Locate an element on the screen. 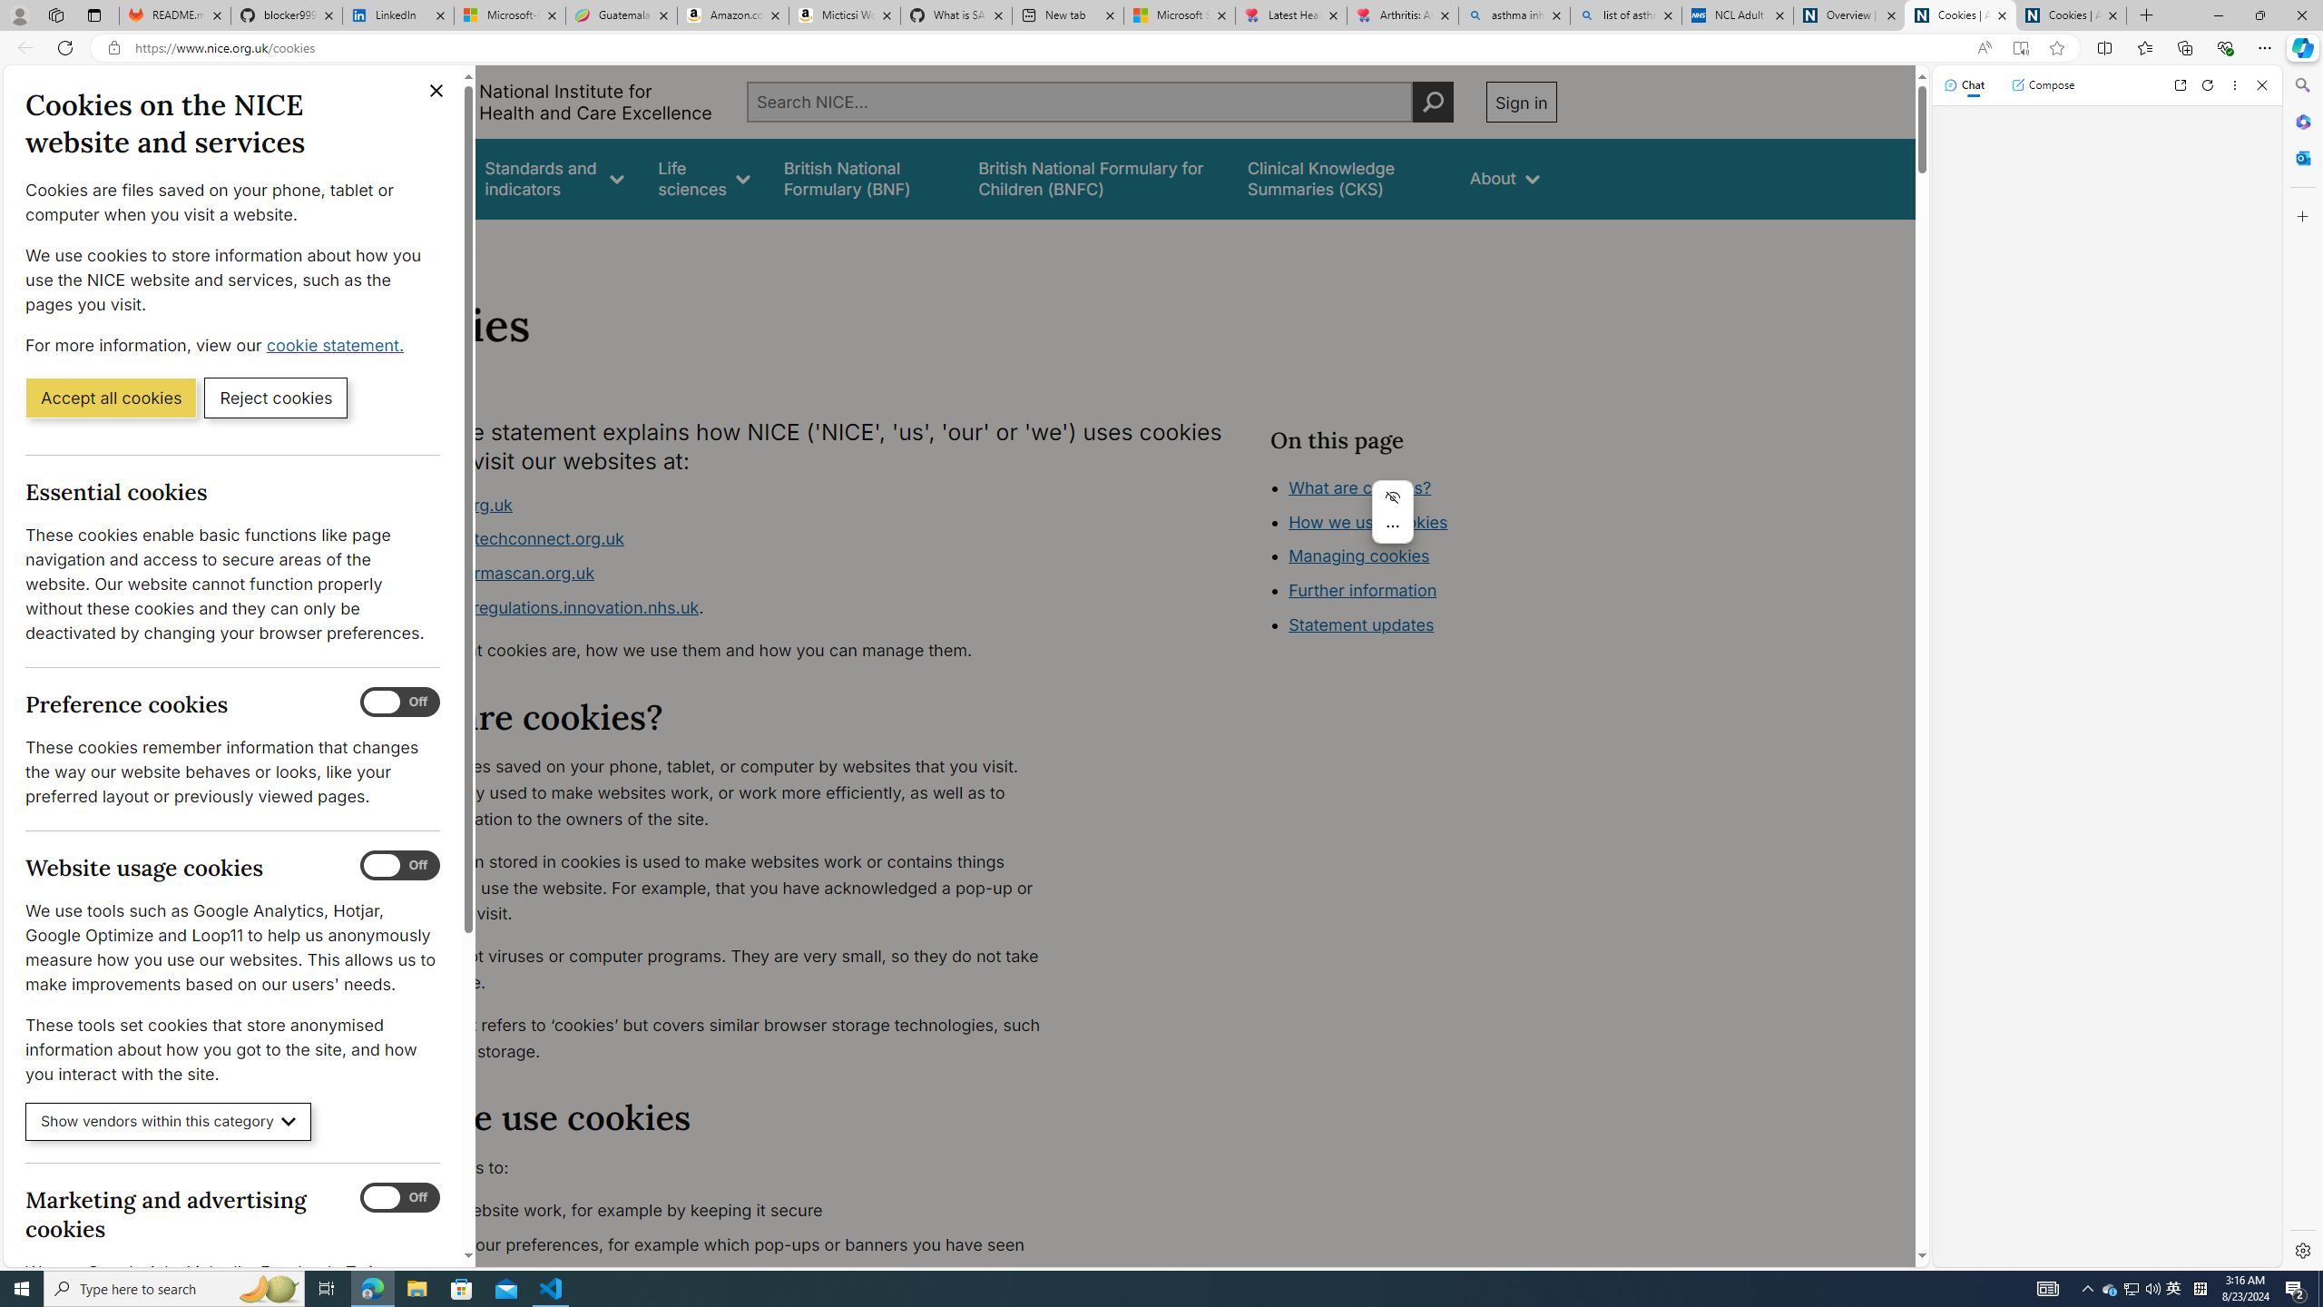 This screenshot has height=1307, width=2323. 'About' is located at coordinates (1503, 178).